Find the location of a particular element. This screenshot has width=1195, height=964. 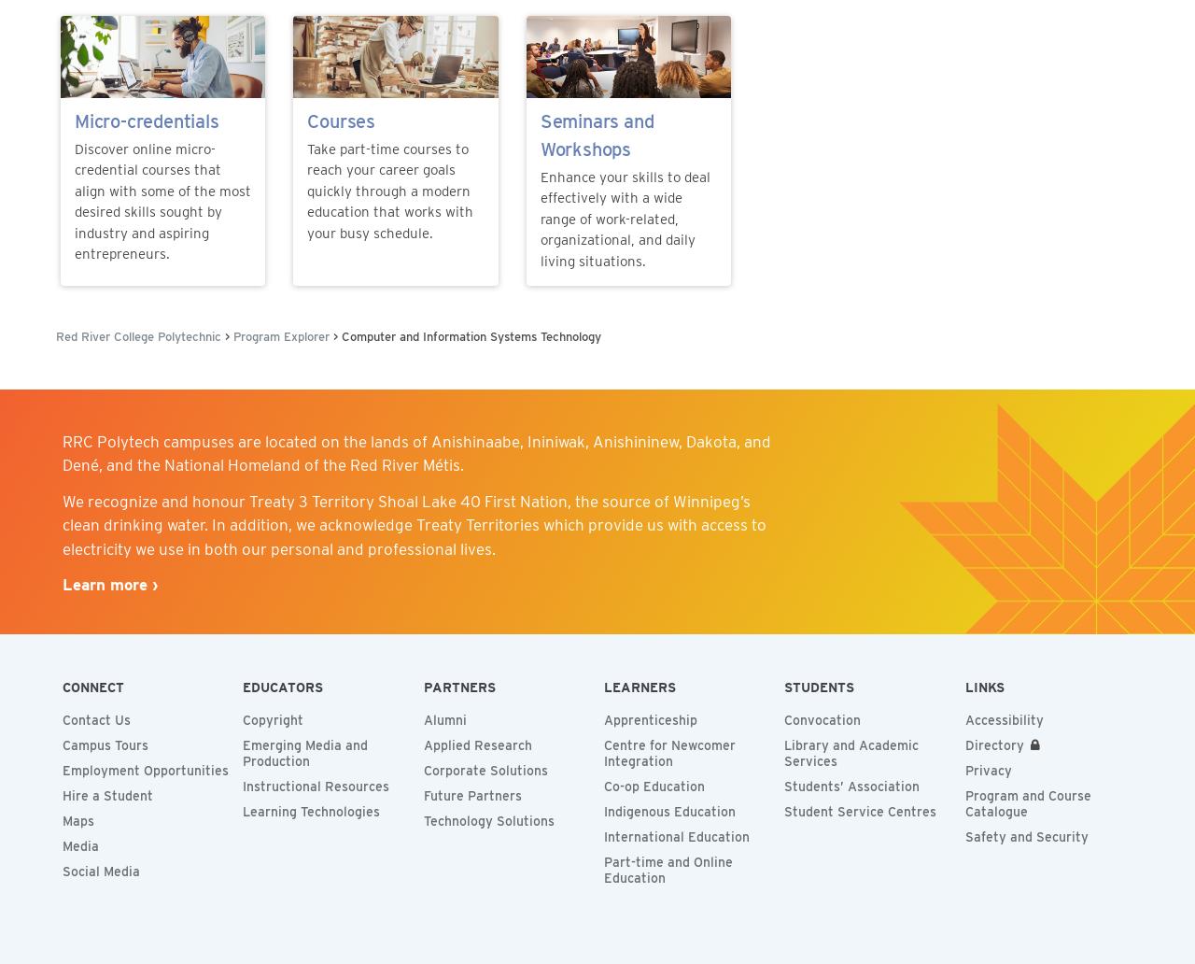

'Convocation' is located at coordinates (822, 719).